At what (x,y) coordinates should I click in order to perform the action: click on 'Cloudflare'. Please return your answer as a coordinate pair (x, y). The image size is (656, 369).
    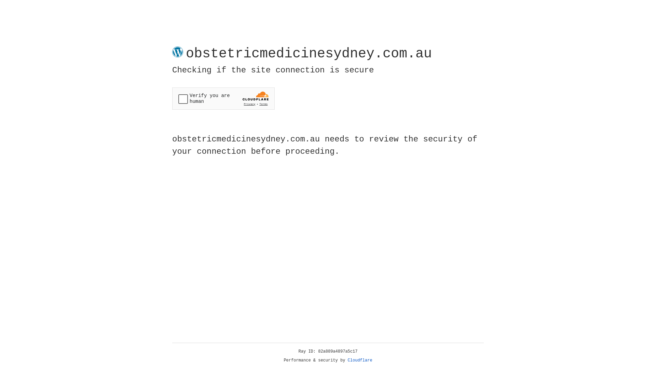
    Looking at the image, I should click on (360, 360).